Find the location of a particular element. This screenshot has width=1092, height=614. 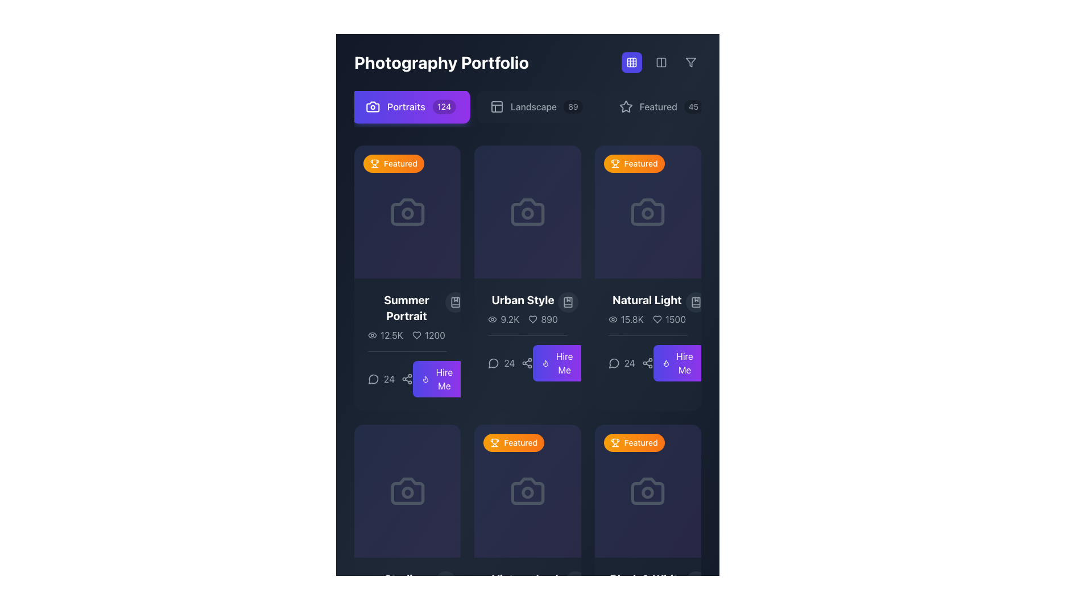

the camera icon located in the Photography Portfolio section, specifically the first item in the grid layout under the Portraits category is located at coordinates (407, 212).